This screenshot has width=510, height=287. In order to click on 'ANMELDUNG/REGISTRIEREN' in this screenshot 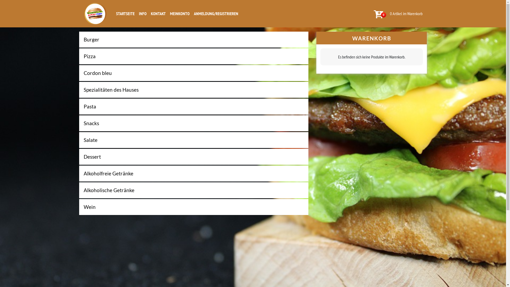, I will do `click(216, 13)`.